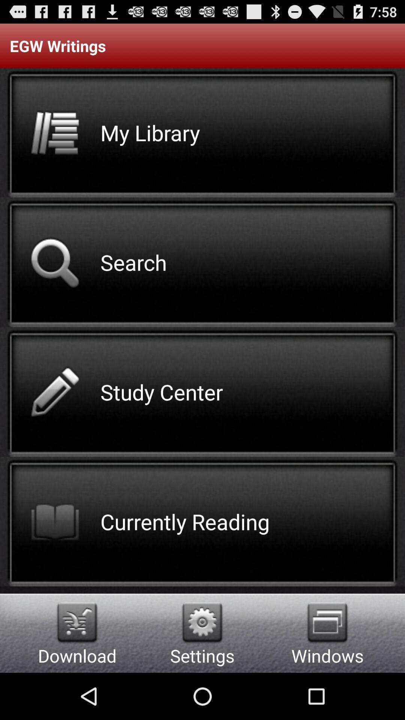  Describe the element at coordinates (77, 622) in the screenshot. I see `app above download app` at that location.